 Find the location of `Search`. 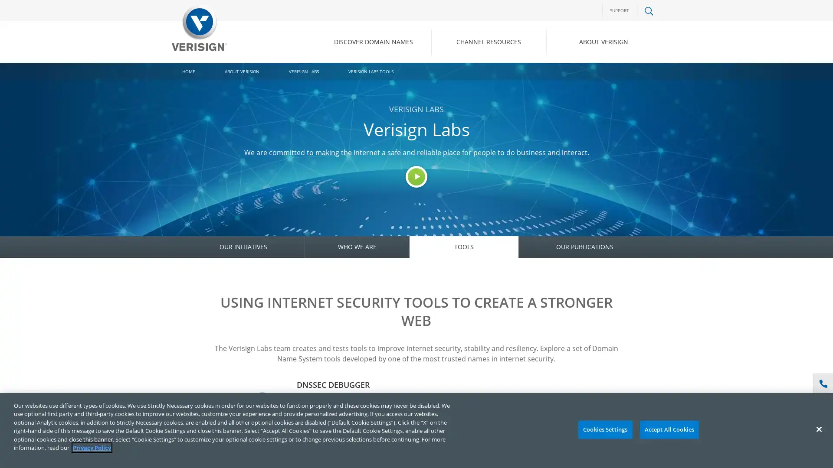

Search is located at coordinates (579, 78).